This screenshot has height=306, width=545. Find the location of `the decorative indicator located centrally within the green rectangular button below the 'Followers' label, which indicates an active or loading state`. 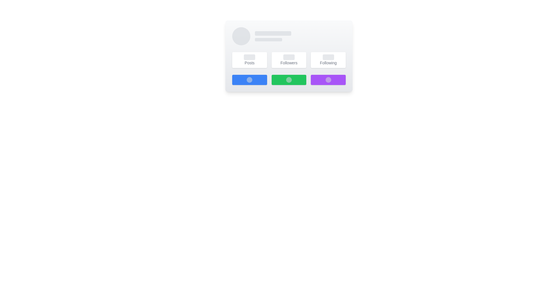

the decorative indicator located centrally within the green rectangular button below the 'Followers' label, which indicates an active or loading state is located at coordinates (289, 80).